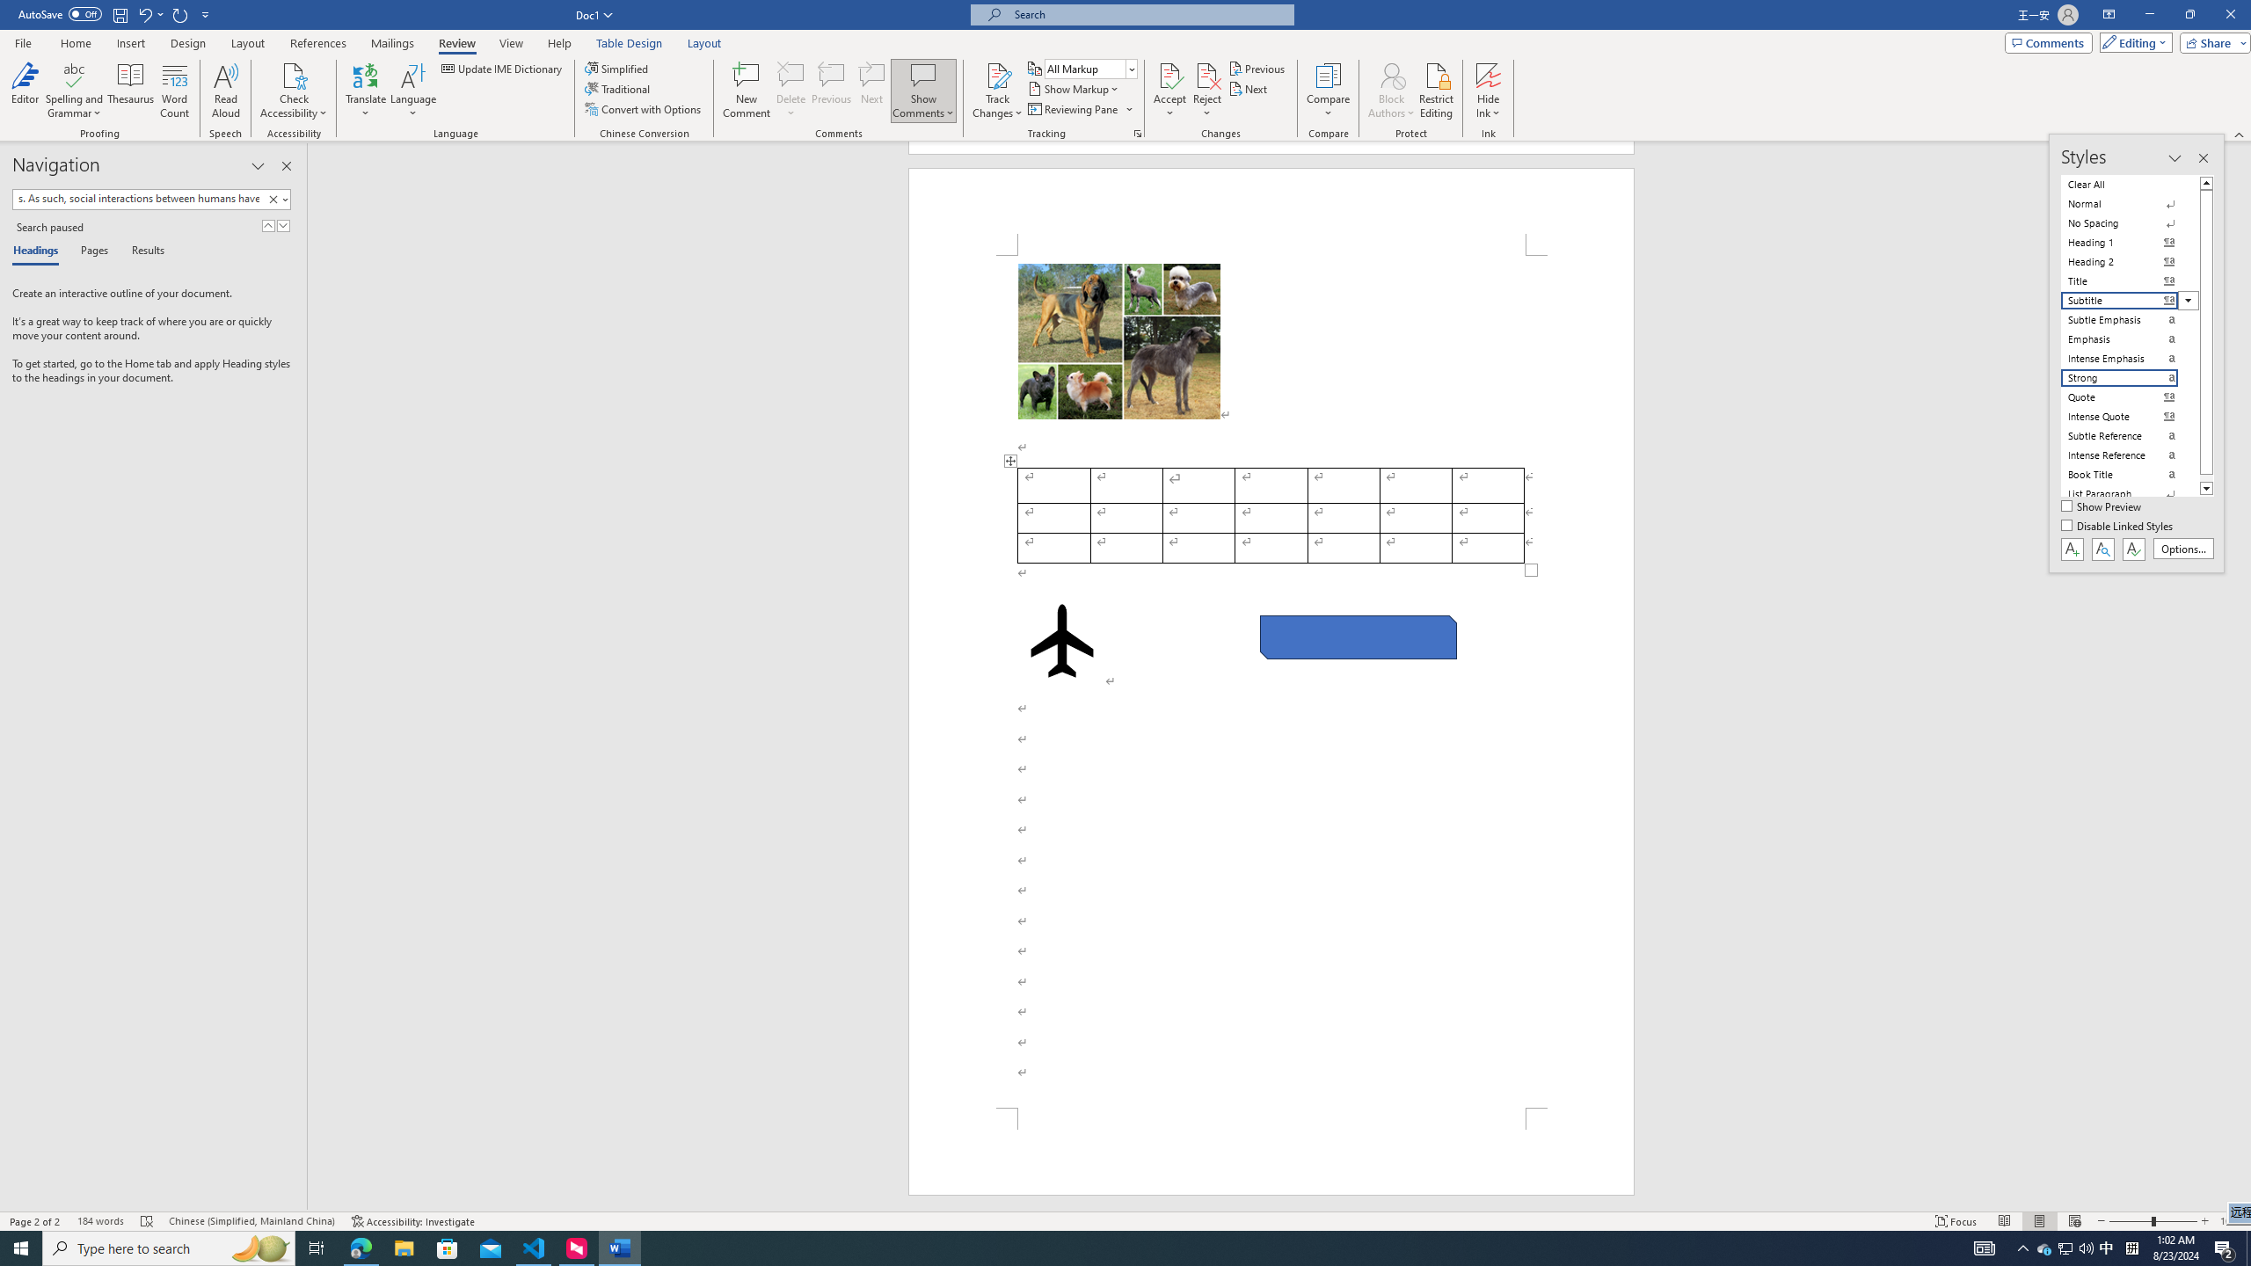  Describe the element at coordinates (180, 13) in the screenshot. I see `'Repeat Style'` at that location.